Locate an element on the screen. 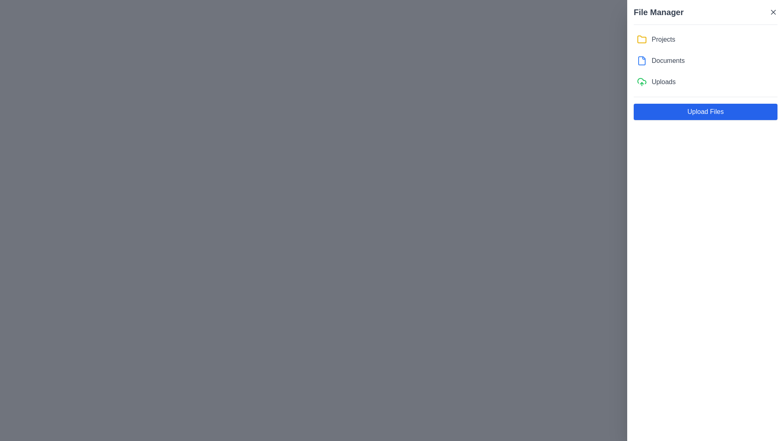 The image size is (784, 441). the 'Documents' file icon in the navigation panel of the 'File Manager' interface is located at coordinates (641, 60).